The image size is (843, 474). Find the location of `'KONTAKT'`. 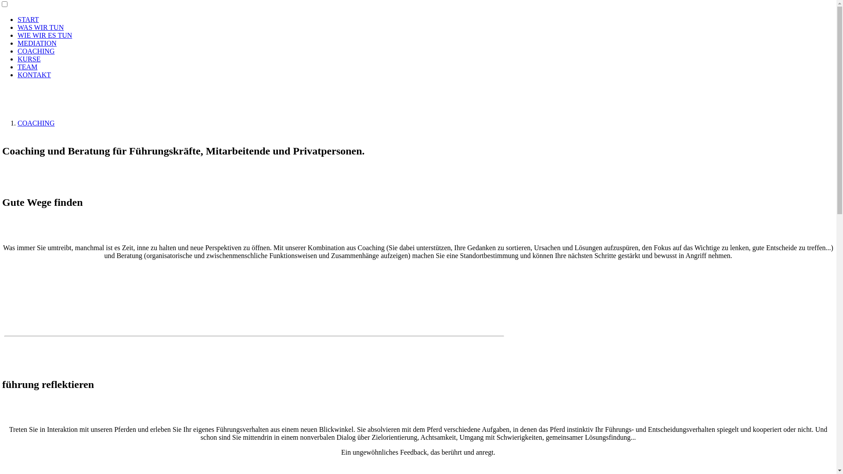

'KONTAKT' is located at coordinates (34, 74).